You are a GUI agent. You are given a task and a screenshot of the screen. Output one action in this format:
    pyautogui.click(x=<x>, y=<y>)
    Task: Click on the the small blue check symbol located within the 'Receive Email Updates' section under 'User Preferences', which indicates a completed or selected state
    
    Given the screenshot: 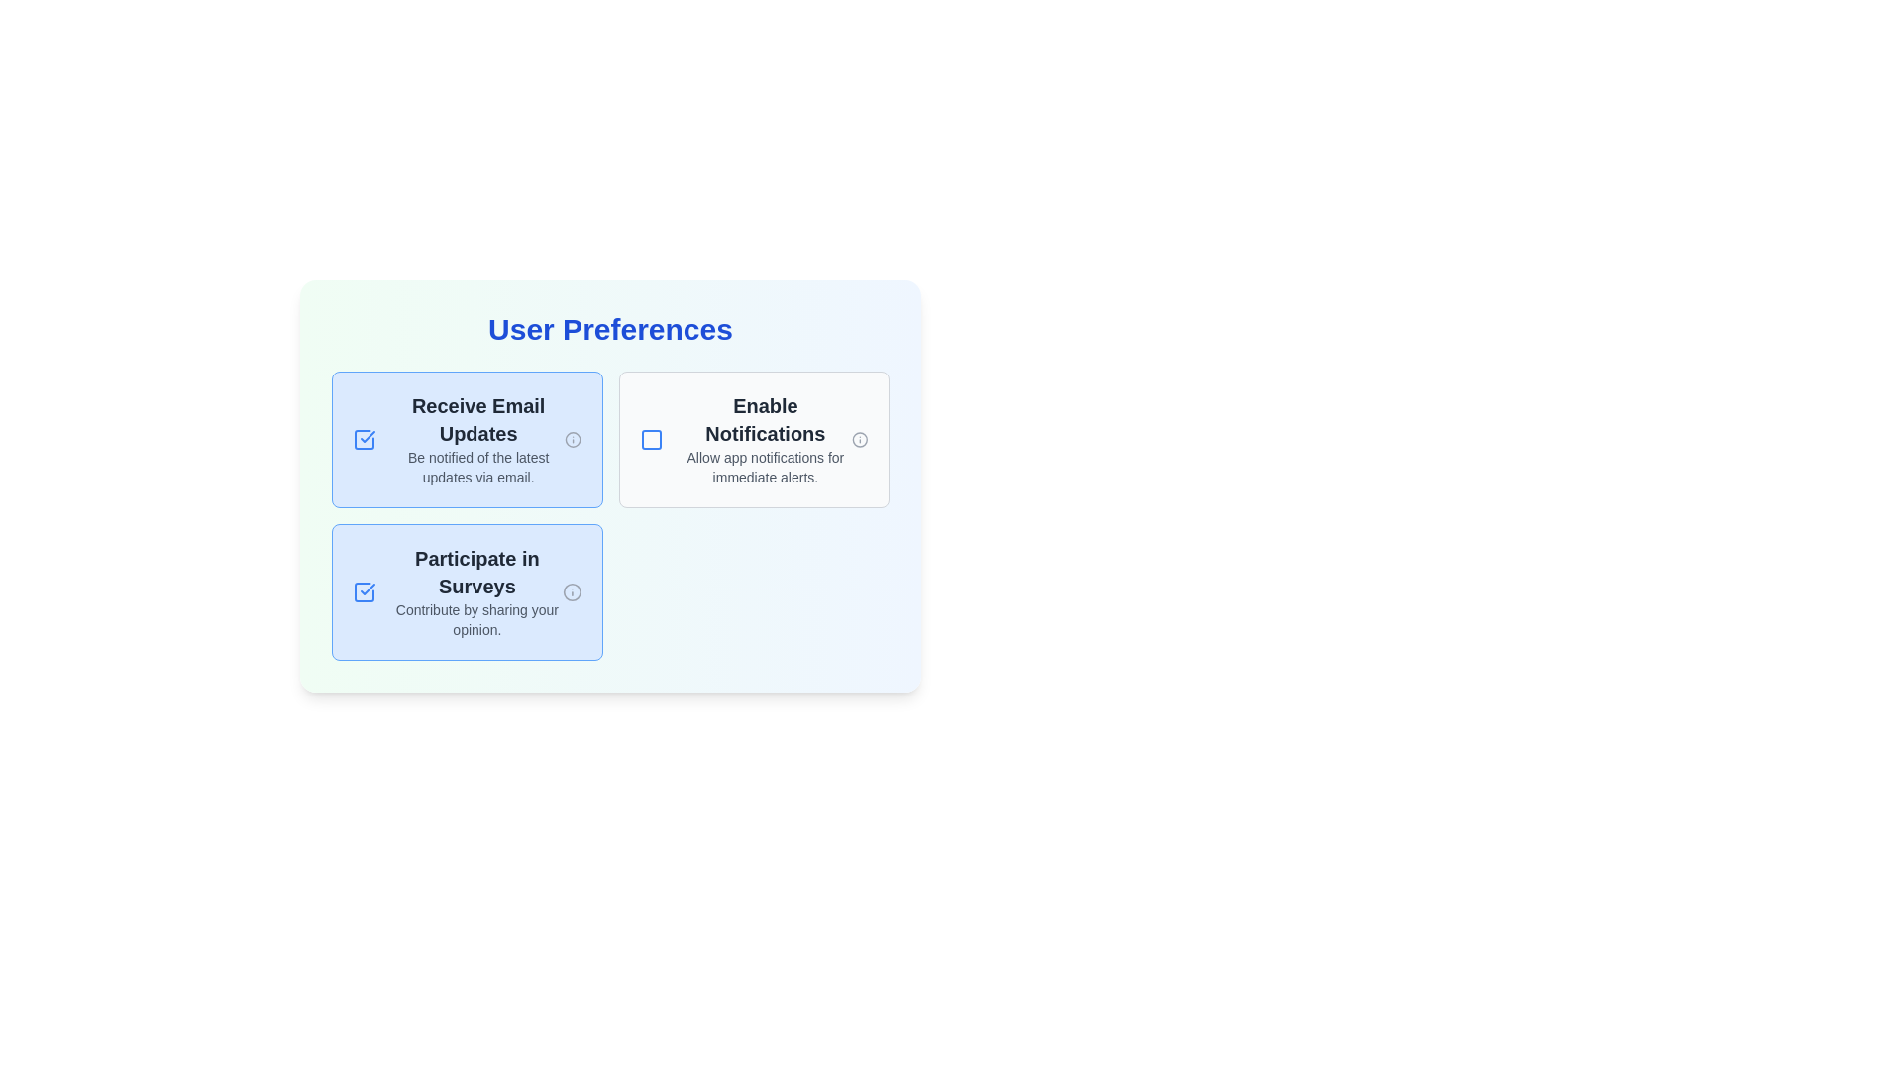 What is the action you would take?
    pyautogui.click(x=368, y=588)
    